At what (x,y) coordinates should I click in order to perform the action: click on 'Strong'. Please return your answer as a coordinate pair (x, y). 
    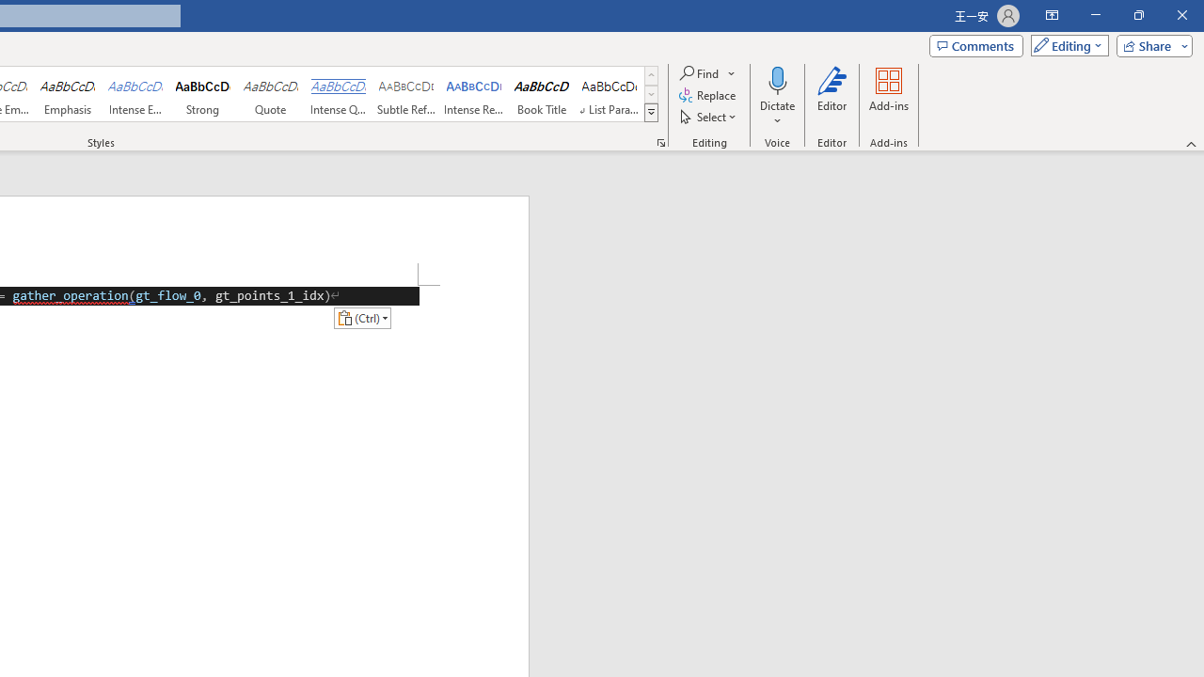
    Looking at the image, I should click on (203, 94).